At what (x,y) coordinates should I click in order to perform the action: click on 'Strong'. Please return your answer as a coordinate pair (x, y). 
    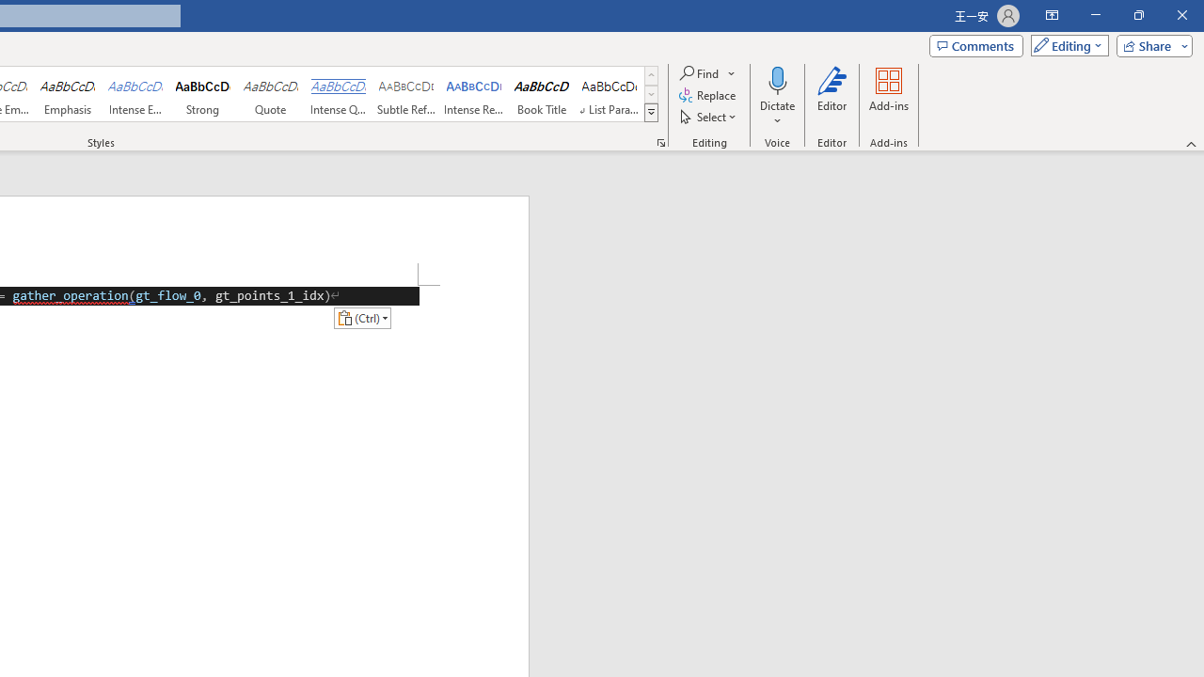
    Looking at the image, I should click on (203, 94).